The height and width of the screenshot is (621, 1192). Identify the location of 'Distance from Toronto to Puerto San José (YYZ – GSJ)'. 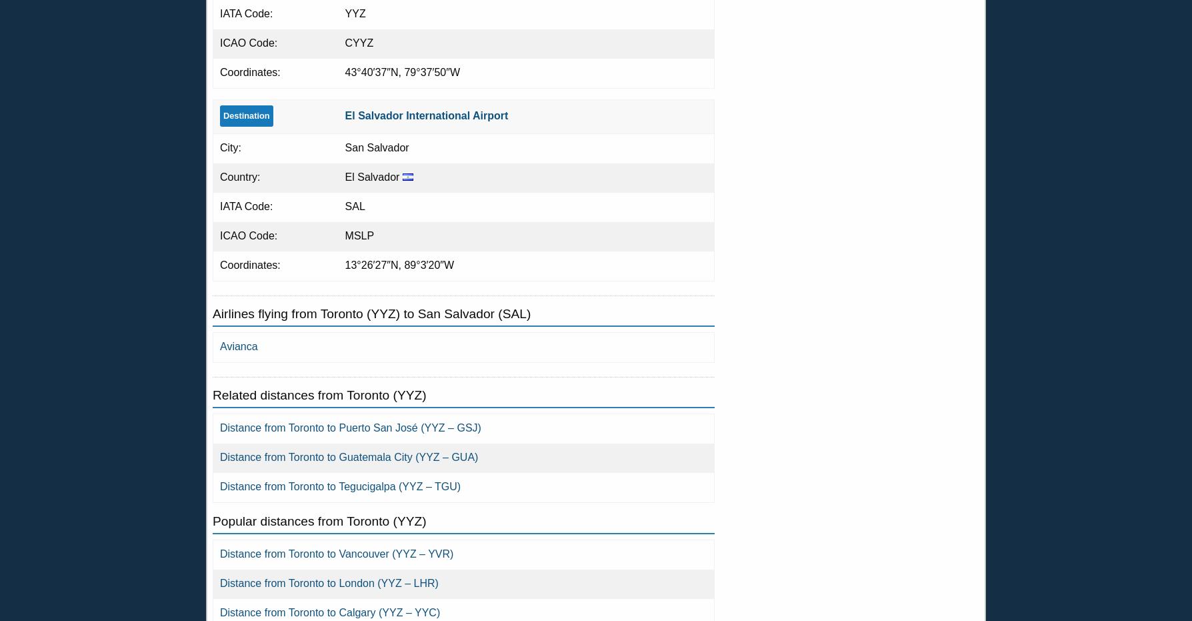
(219, 428).